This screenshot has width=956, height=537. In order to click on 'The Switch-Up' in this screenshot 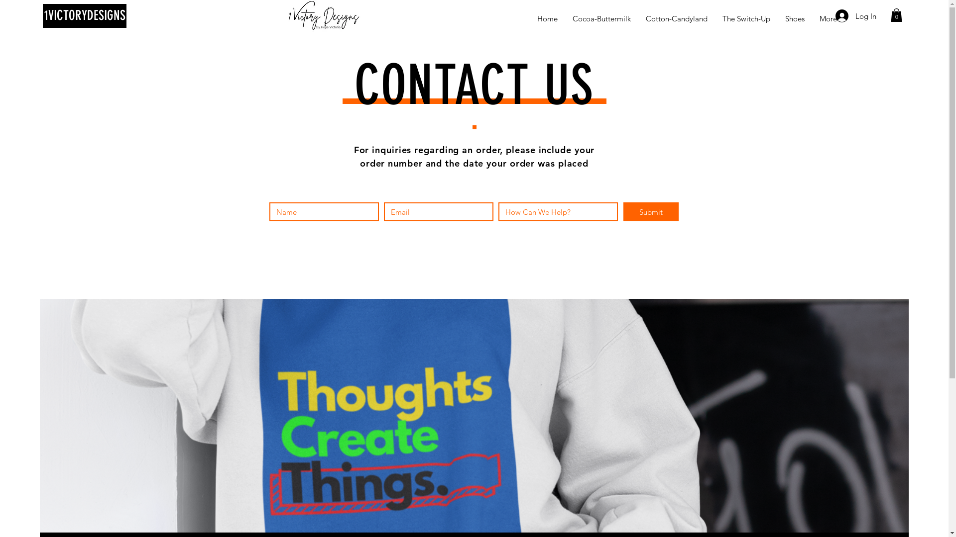, I will do `click(746, 18)`.